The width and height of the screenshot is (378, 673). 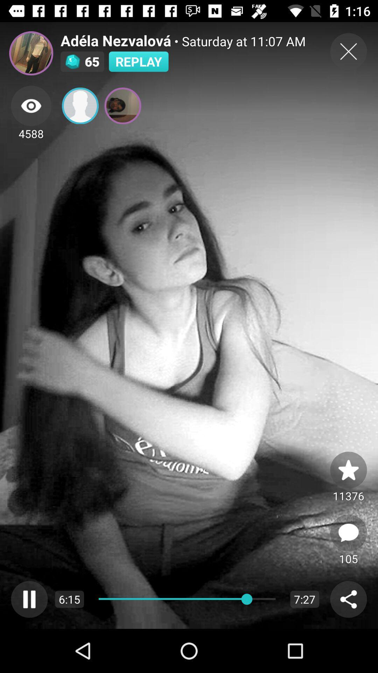 I want to click on give a star to the photo, so click(x=348, y=470).